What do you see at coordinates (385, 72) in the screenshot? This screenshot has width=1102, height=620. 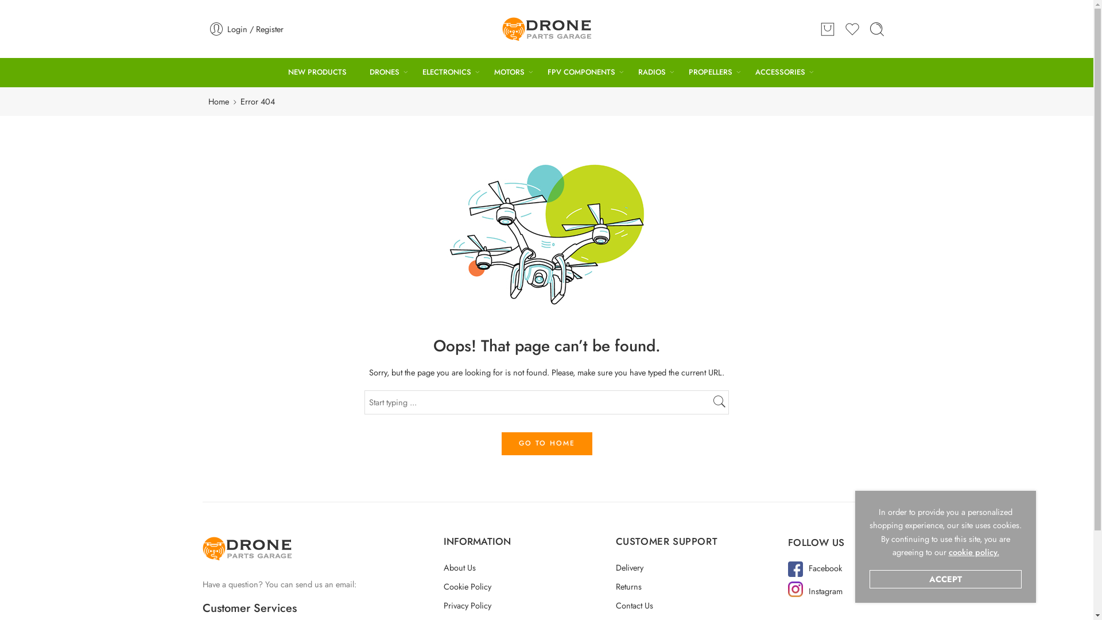 I see `'DRONES'` at bounding box center [385, 72].